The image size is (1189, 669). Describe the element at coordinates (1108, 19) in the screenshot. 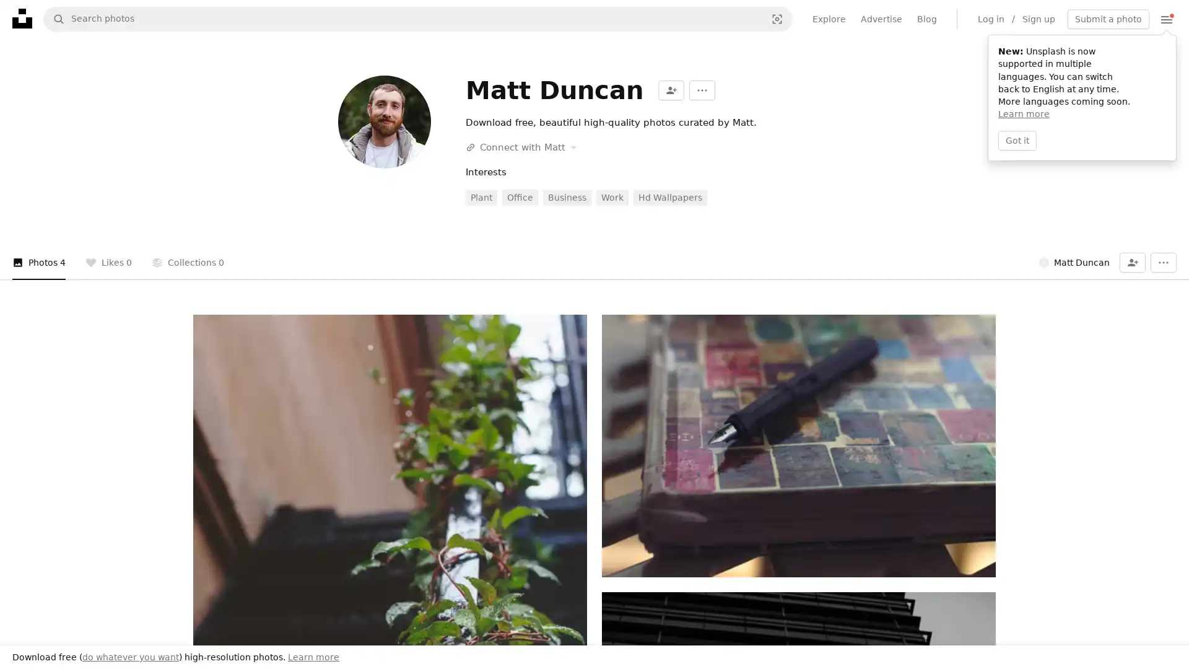

I see `Submita photo` at that location.